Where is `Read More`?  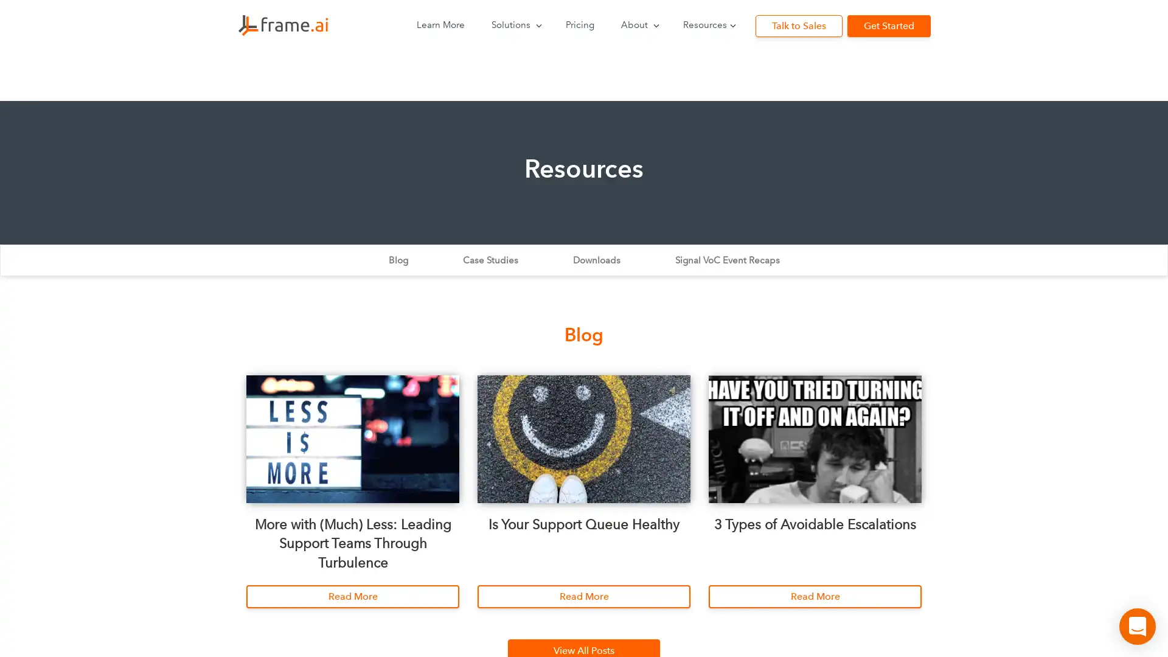 Read More is located at coordinates (584, 596).